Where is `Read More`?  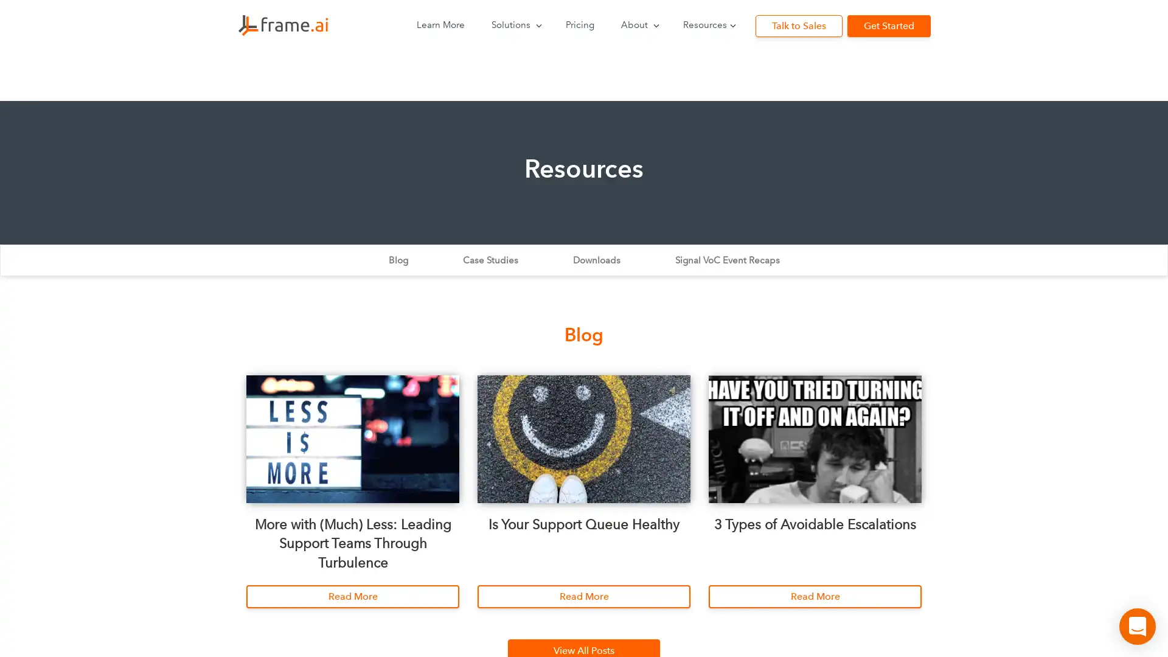 Read More is located at coordinates (584, 596).